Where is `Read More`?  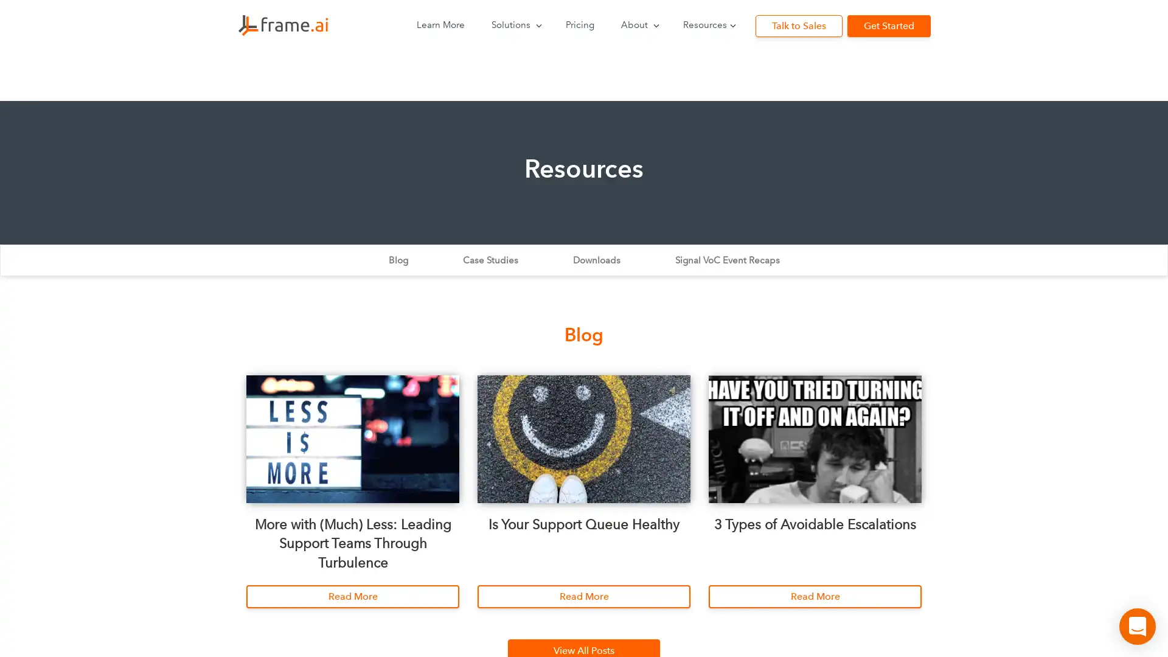 Read More is located at coordinates (584, 596).